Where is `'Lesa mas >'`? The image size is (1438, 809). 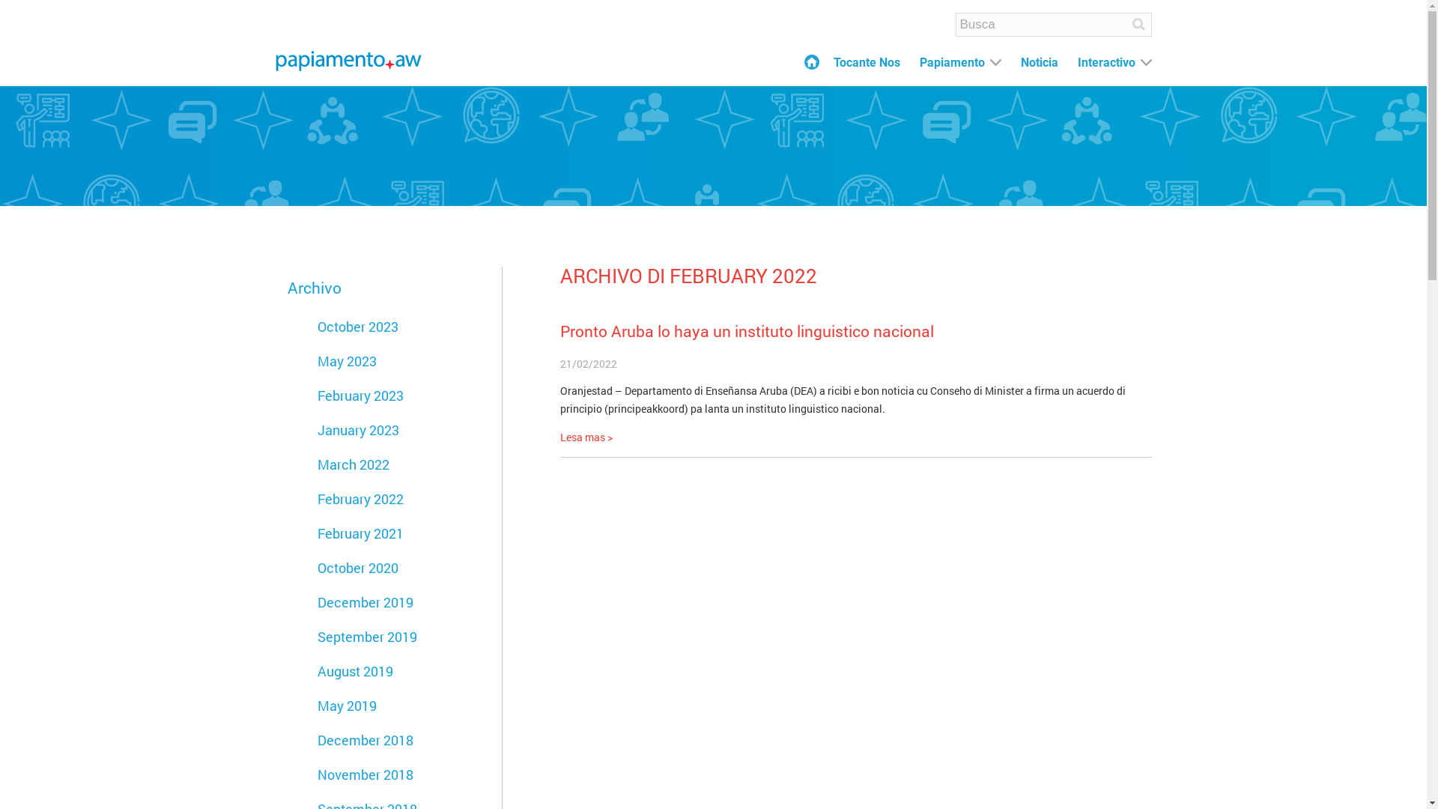
'Lesa mas >' is located at coordinates (585, 437).